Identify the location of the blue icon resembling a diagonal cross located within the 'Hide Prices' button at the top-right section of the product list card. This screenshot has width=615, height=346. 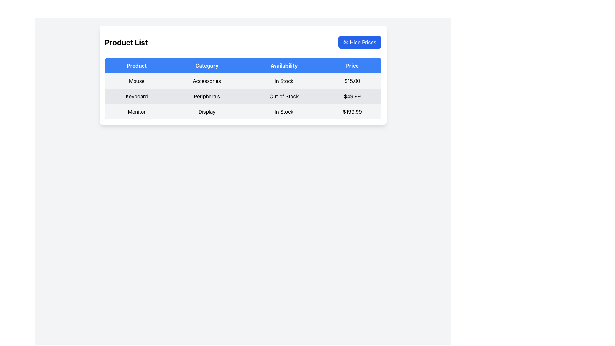
(346, 42).